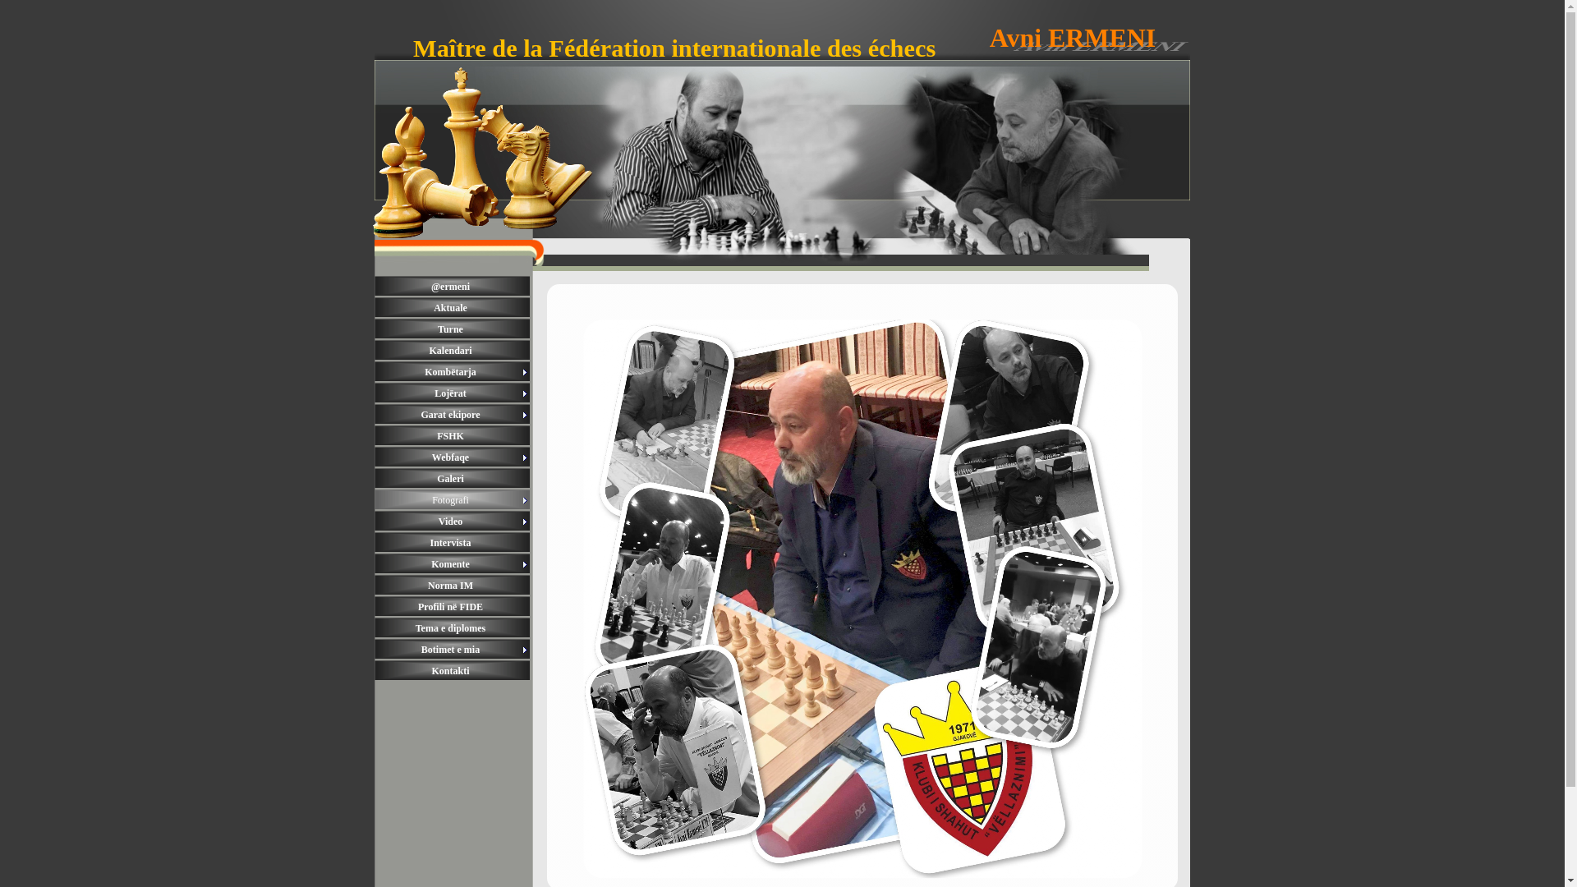 Image resolution: width=1577 pixels, height=887 pixels. Describe the element at coordinates (453, 350) in the screenshot. I see `'Kalendari'` at that location.